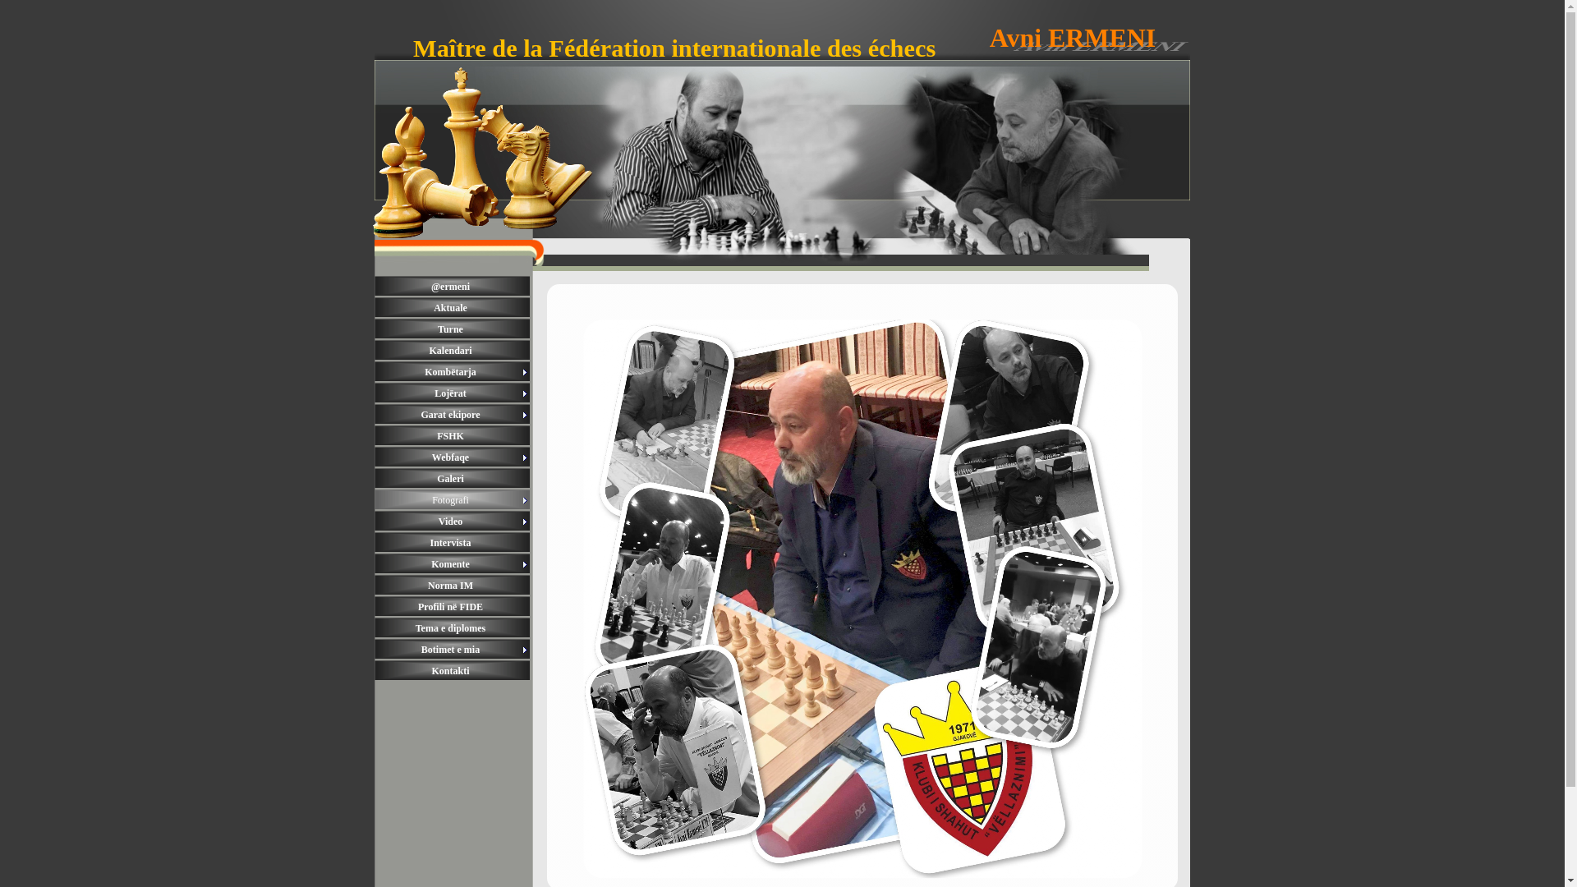 Image resolution: width=1577 pixels, height=887 pixels. Describe the element at coordinates (453, 350) in the screenshot. I see `'Kalendari'` at that location.